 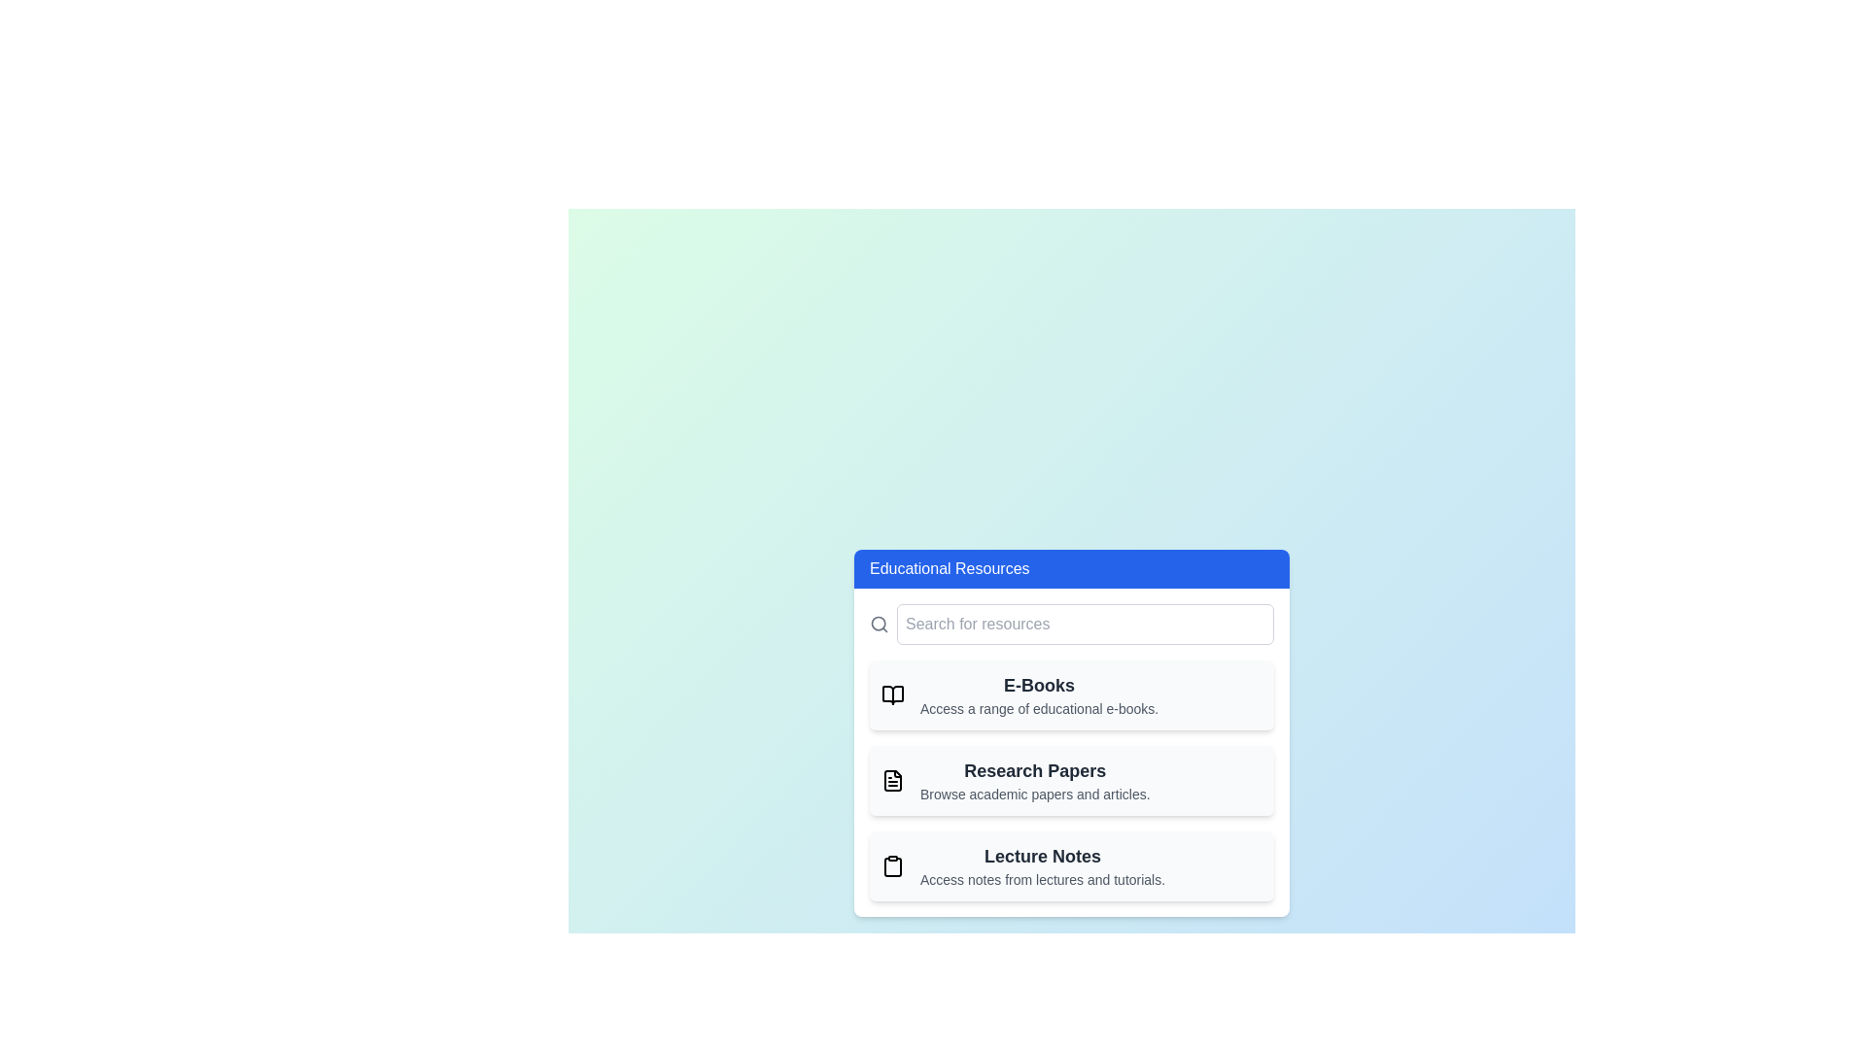 What do you see at coordinates (1071, 864) in the screenshot?
I see `the resource card titled 'Lecture Notes'` at bounding box center [1071, 864].